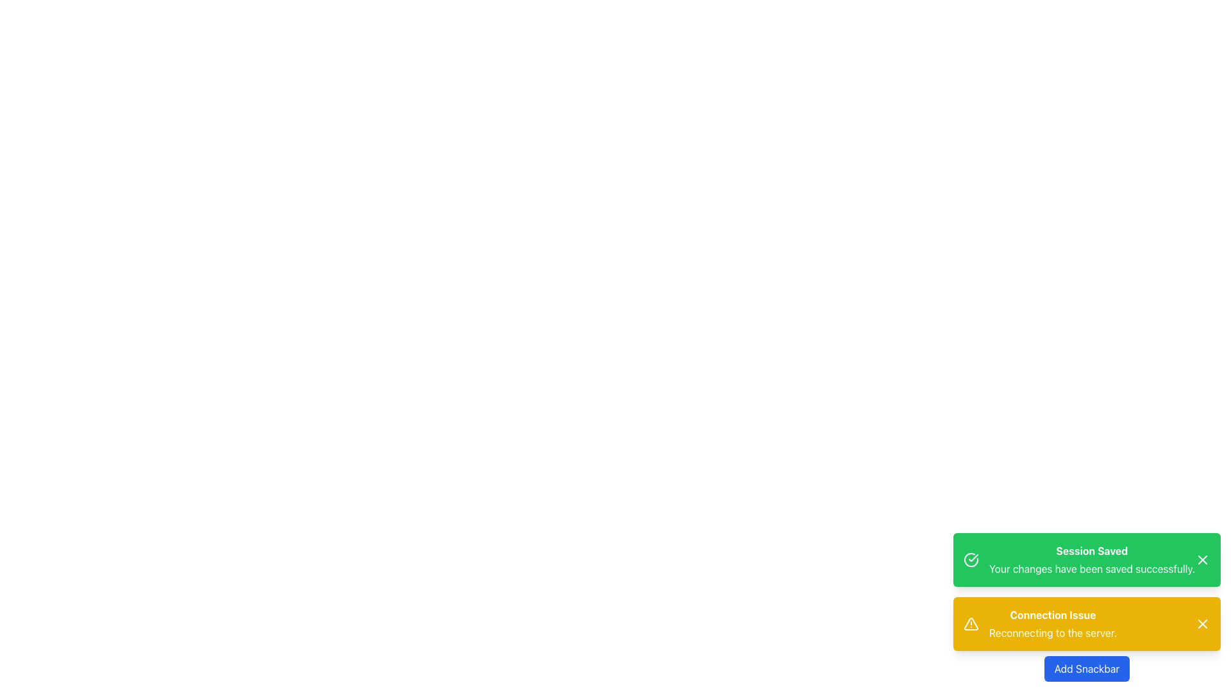  What do you see at coordinates (971, 623) in the screenshot?
I see `the 'Connection Issue' notification icon located in the yellow notification box, positioned towards the left side adjacent to the text content` at bounding box center [971, 623].